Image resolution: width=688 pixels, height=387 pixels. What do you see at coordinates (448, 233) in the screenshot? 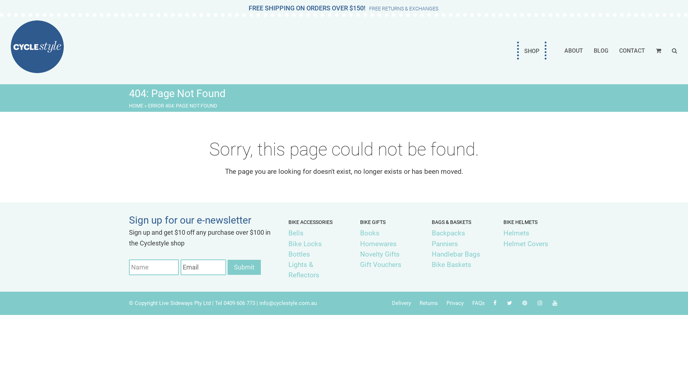
I see `'Backpacks'` at bounding box center [448, 233].